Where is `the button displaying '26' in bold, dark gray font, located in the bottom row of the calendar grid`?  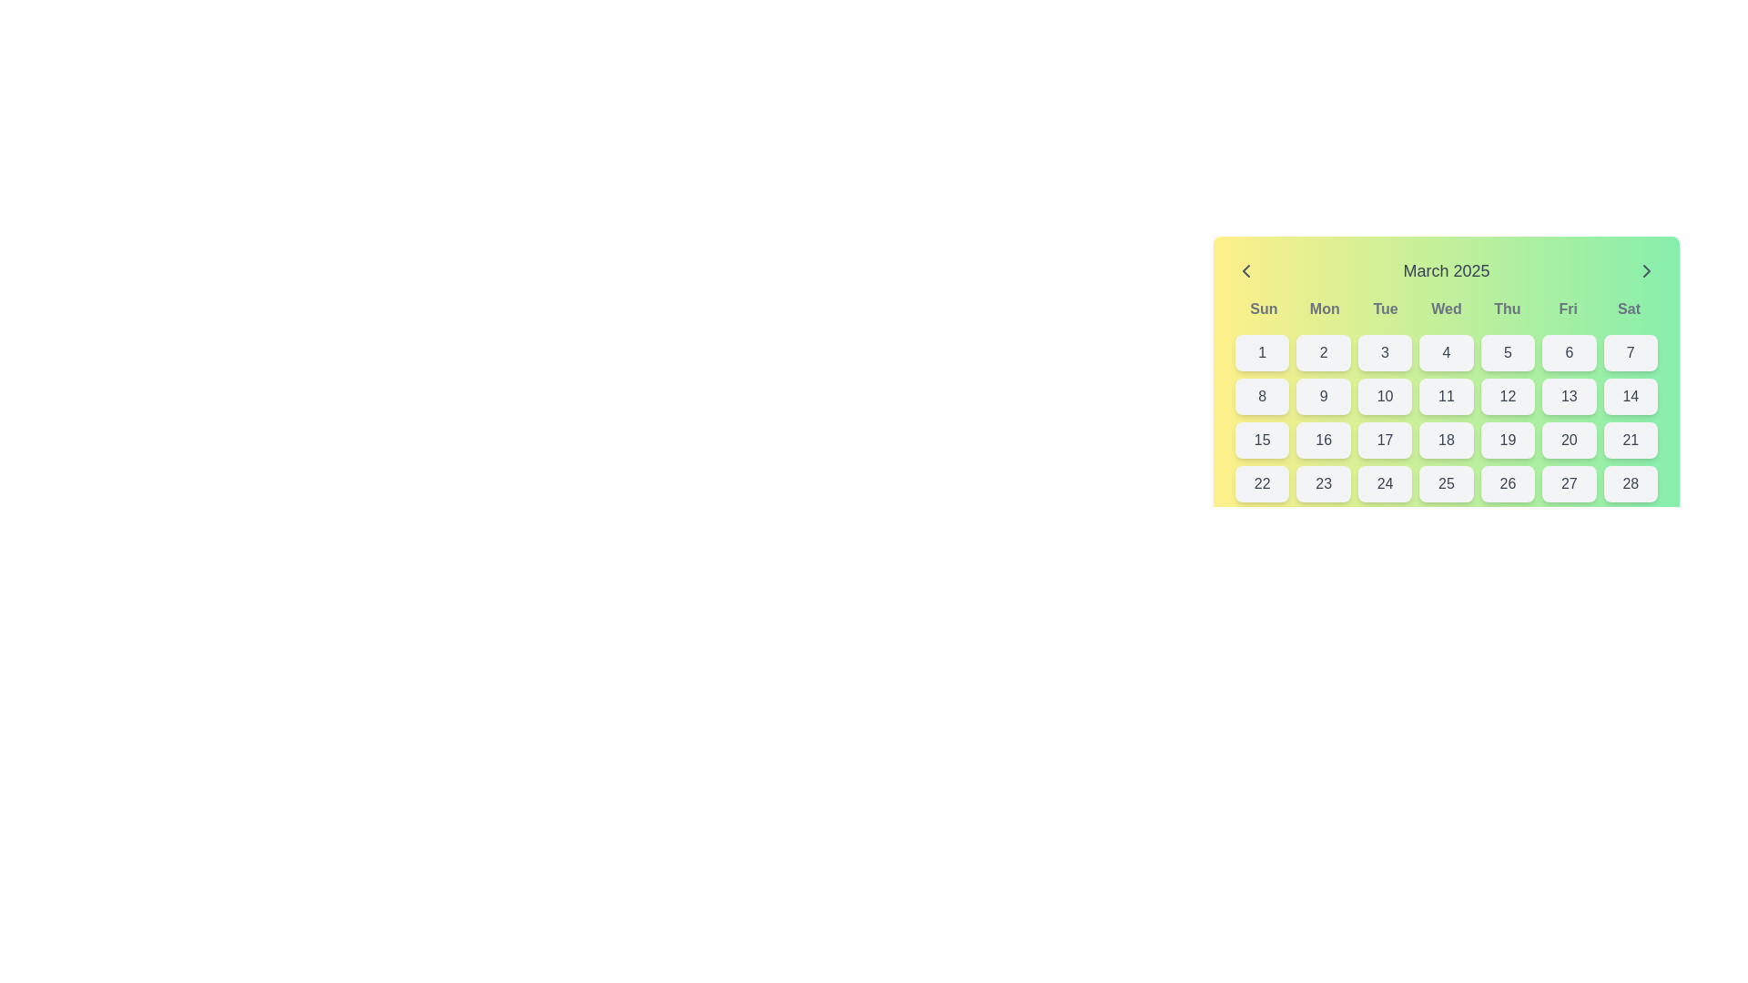
the button displaying '26' in bold, dark gray font, located in the bottom row of the calendar grid is located at coordinates (1508, 483).